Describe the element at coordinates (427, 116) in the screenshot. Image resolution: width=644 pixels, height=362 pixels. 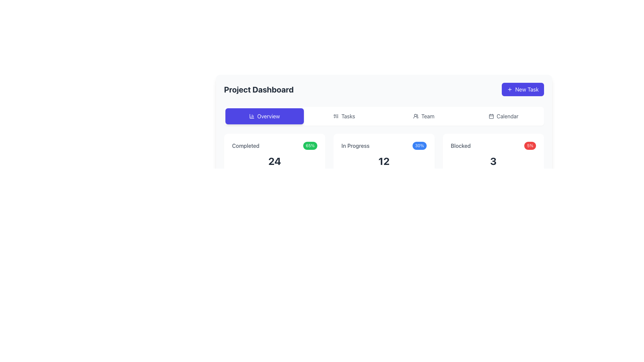
I see `the 'Team' text label in the navigation bar` at that location.